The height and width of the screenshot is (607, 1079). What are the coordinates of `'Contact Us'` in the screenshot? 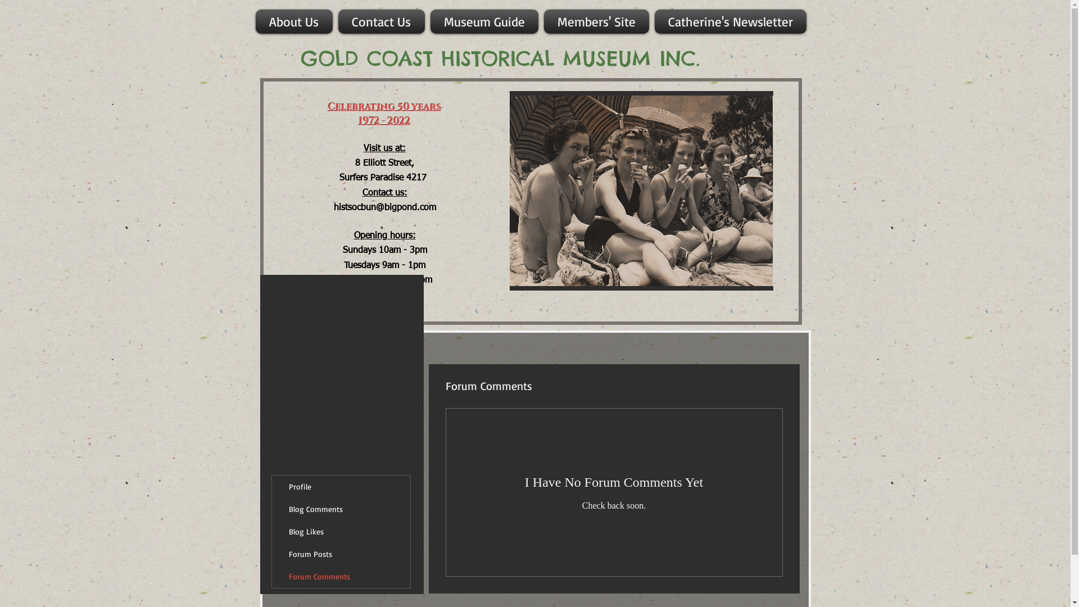 It's located at (334, 21).